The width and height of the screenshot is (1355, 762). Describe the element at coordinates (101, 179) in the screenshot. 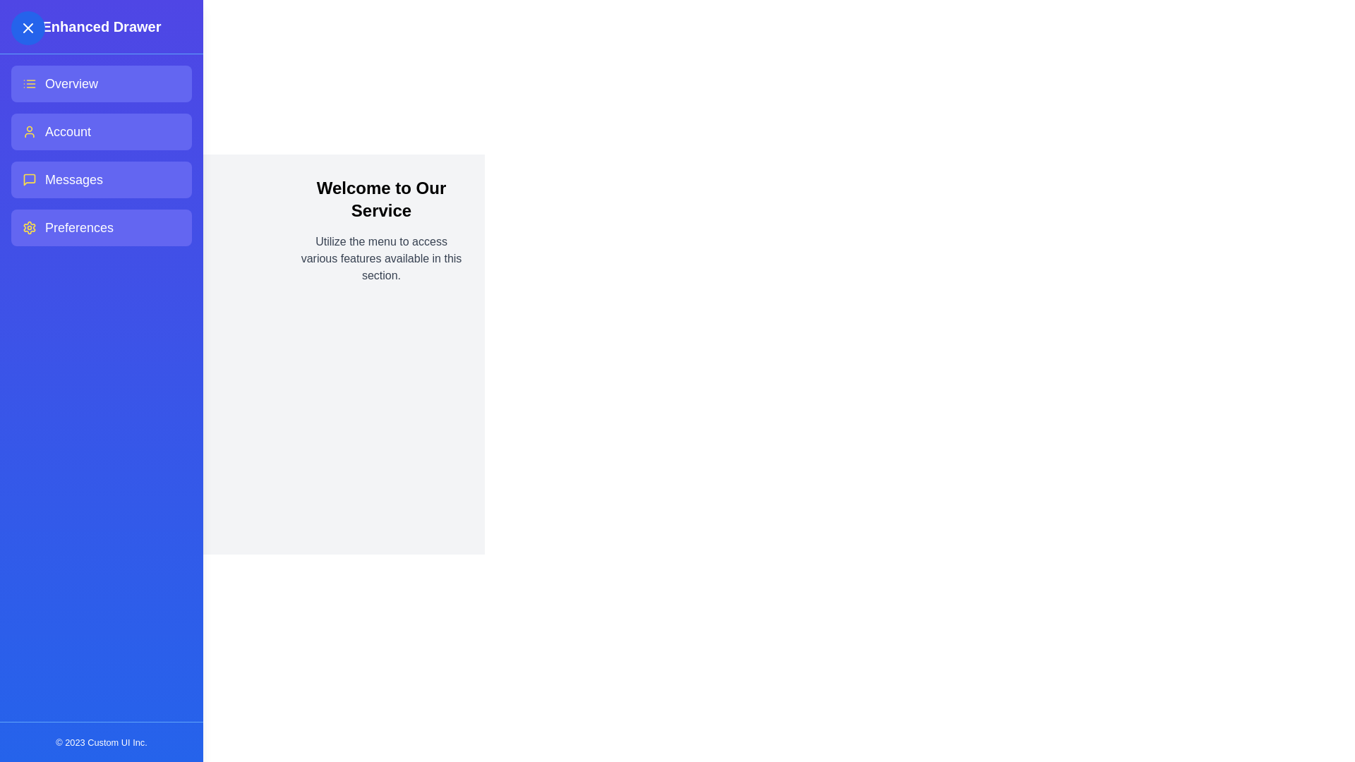

I see `the 'Messages' navigation button located in the third position of the vertical list inside the side panel for accessibility interactions` at that location.